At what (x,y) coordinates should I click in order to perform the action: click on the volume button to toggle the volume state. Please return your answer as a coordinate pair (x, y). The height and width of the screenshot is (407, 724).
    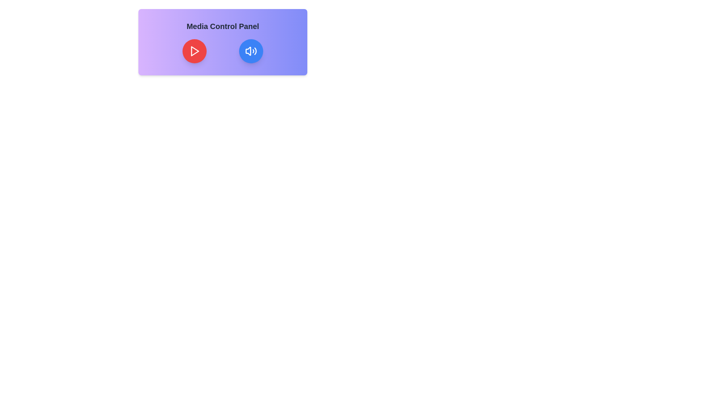
    Looking at the image, I should click on (251, 51).